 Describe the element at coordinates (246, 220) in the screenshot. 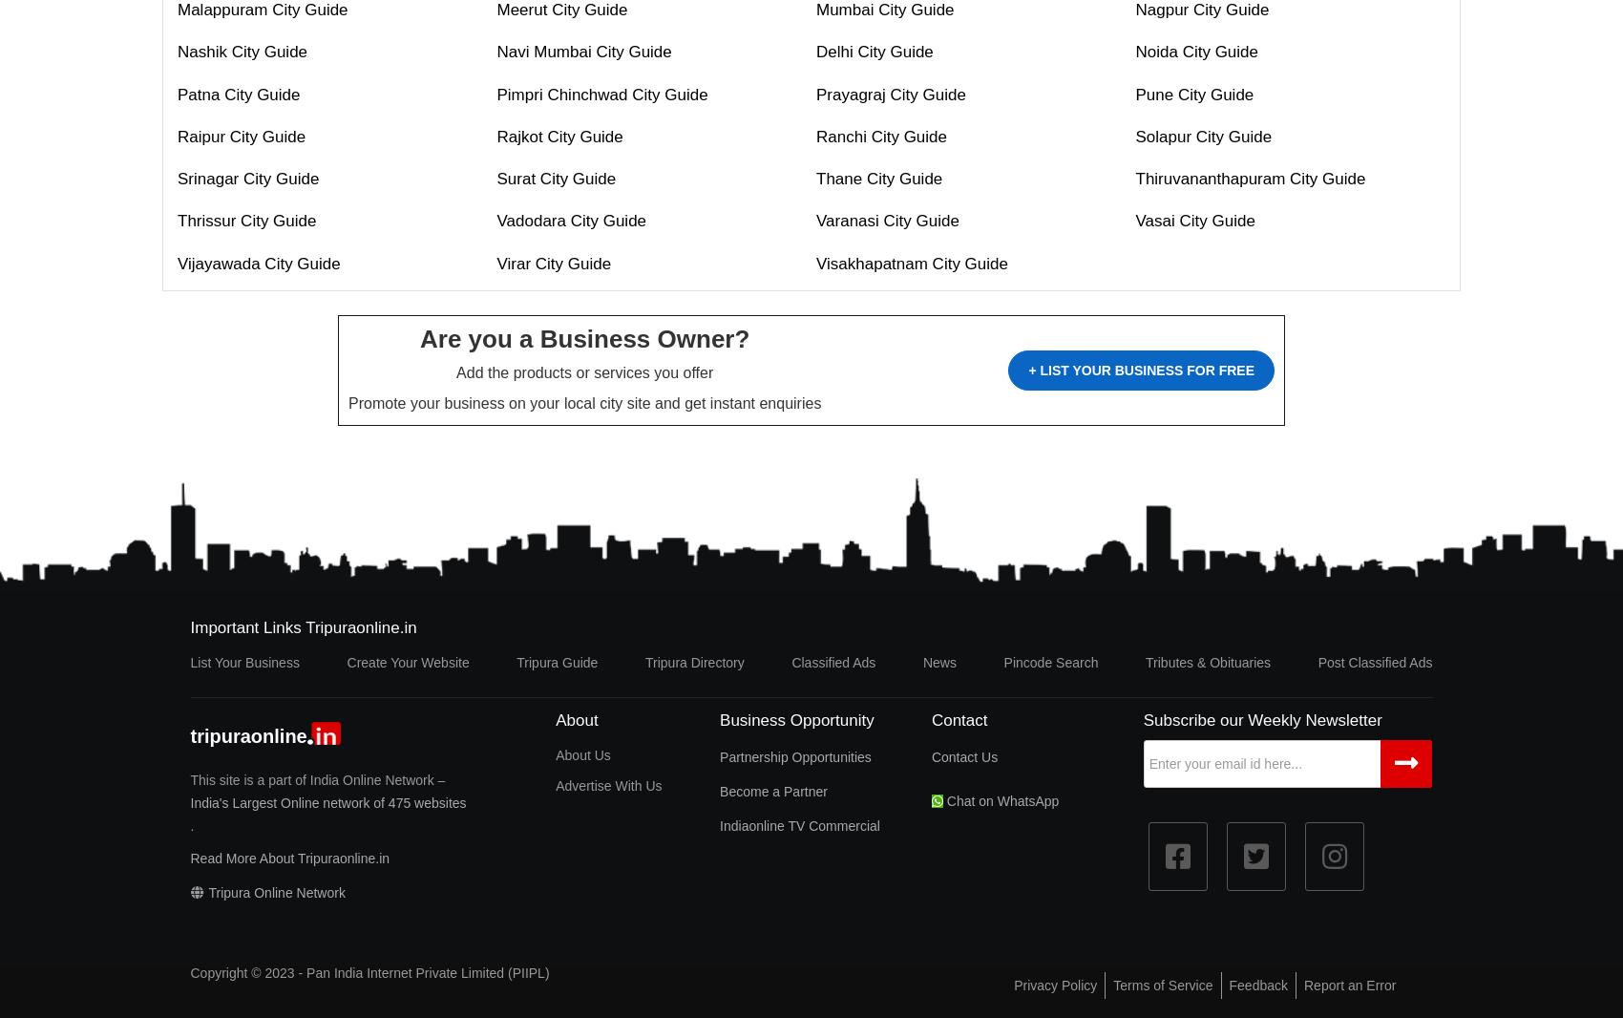

I see `'Thrissur City Guide'` at that location.